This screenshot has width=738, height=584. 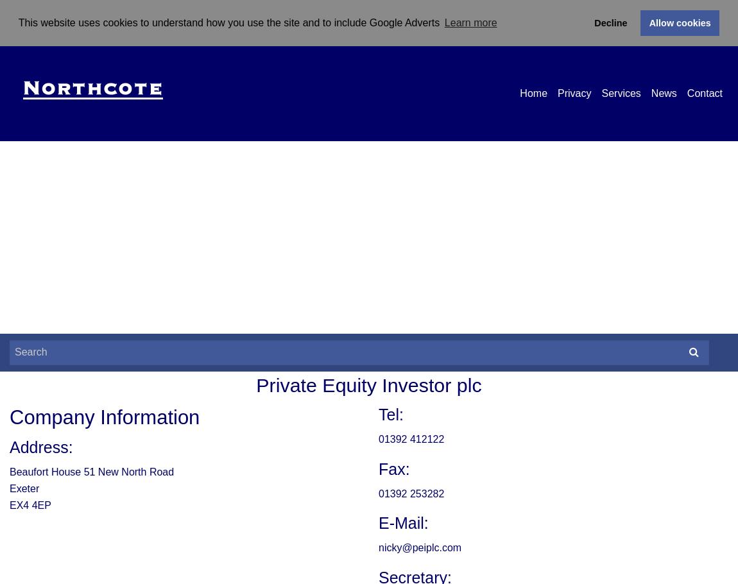 I want to click on 'Fax:', so click(x=377, y=468).